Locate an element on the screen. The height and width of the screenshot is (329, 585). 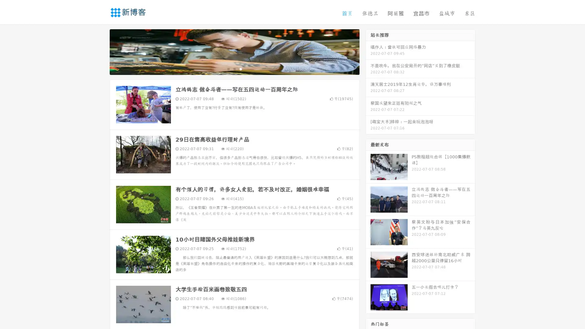
Go to slide 1 is located at coordinates (228, 69).